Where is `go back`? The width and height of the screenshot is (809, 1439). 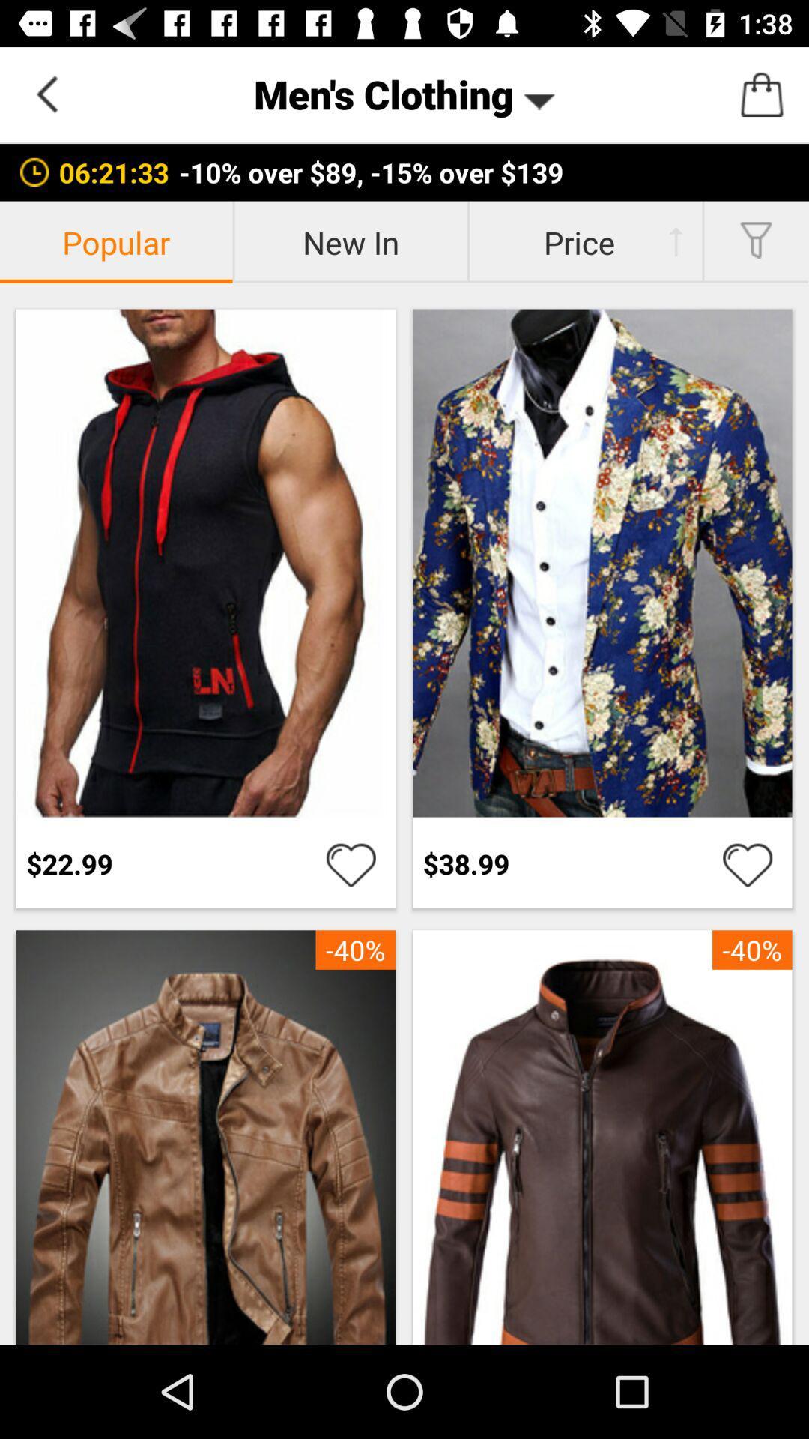
go back is located at coordinates (46, 93).